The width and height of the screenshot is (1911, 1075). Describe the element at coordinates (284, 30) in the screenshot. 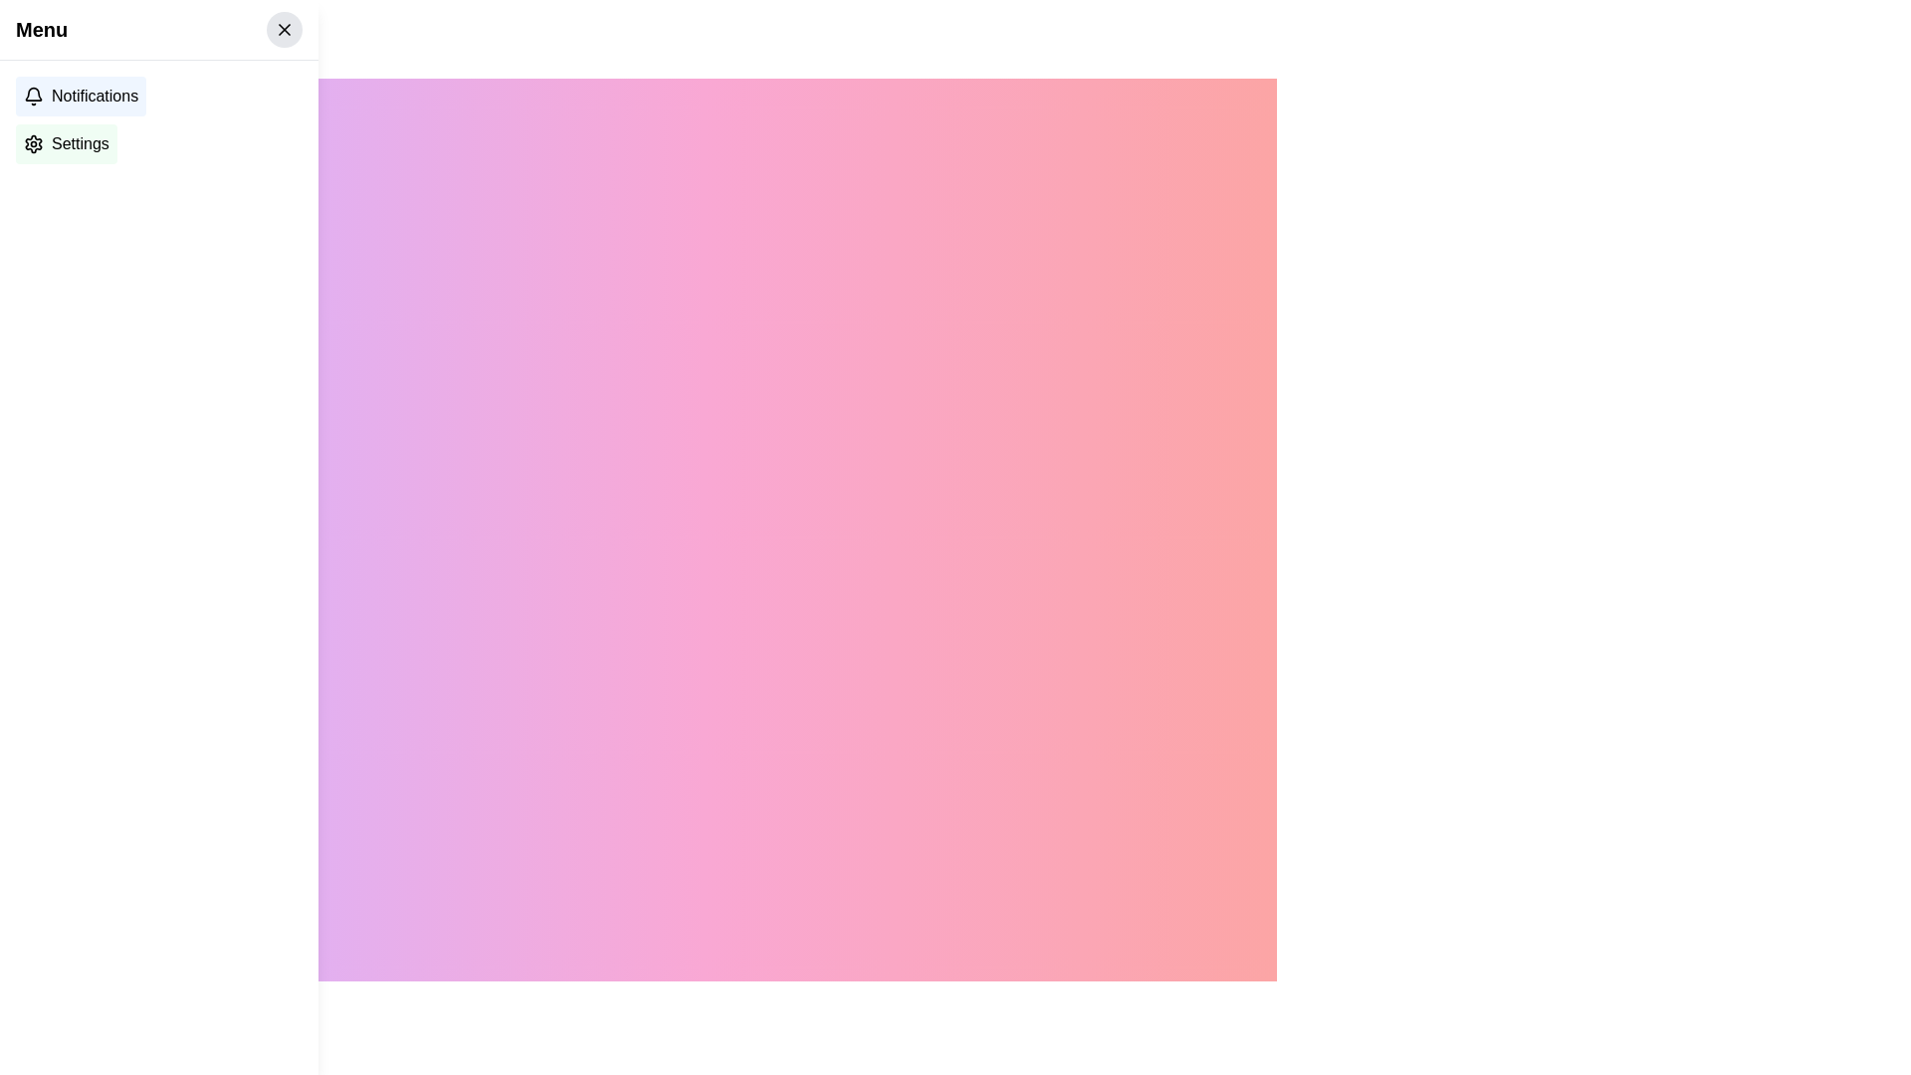

I see `the close button (SVG icon) located in the top-right corner of the vertical menu panel` at that location.